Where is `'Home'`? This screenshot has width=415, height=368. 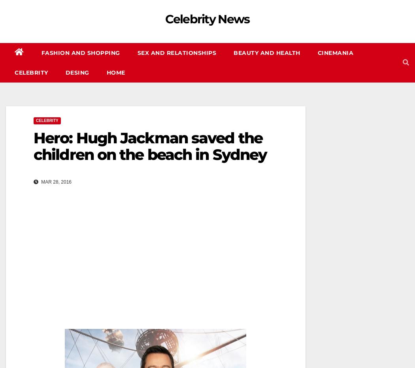 'Home' is located at coordinates (115, 72).